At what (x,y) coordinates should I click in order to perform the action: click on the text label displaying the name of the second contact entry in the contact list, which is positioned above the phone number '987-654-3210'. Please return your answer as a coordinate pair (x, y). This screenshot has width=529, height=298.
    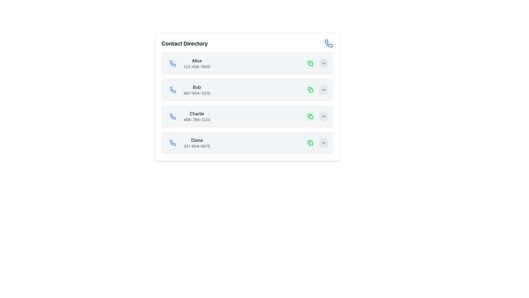
    Looking at the image, I should click on (197, 87).